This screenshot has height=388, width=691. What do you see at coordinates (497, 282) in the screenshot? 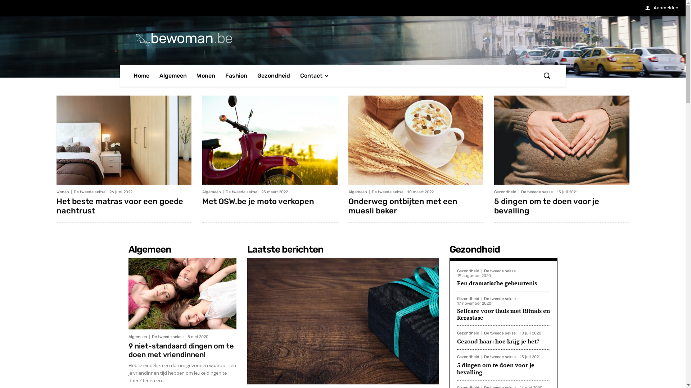
I see `'Een dramatische gebeurtenis'` at bounding box center [497, 282].